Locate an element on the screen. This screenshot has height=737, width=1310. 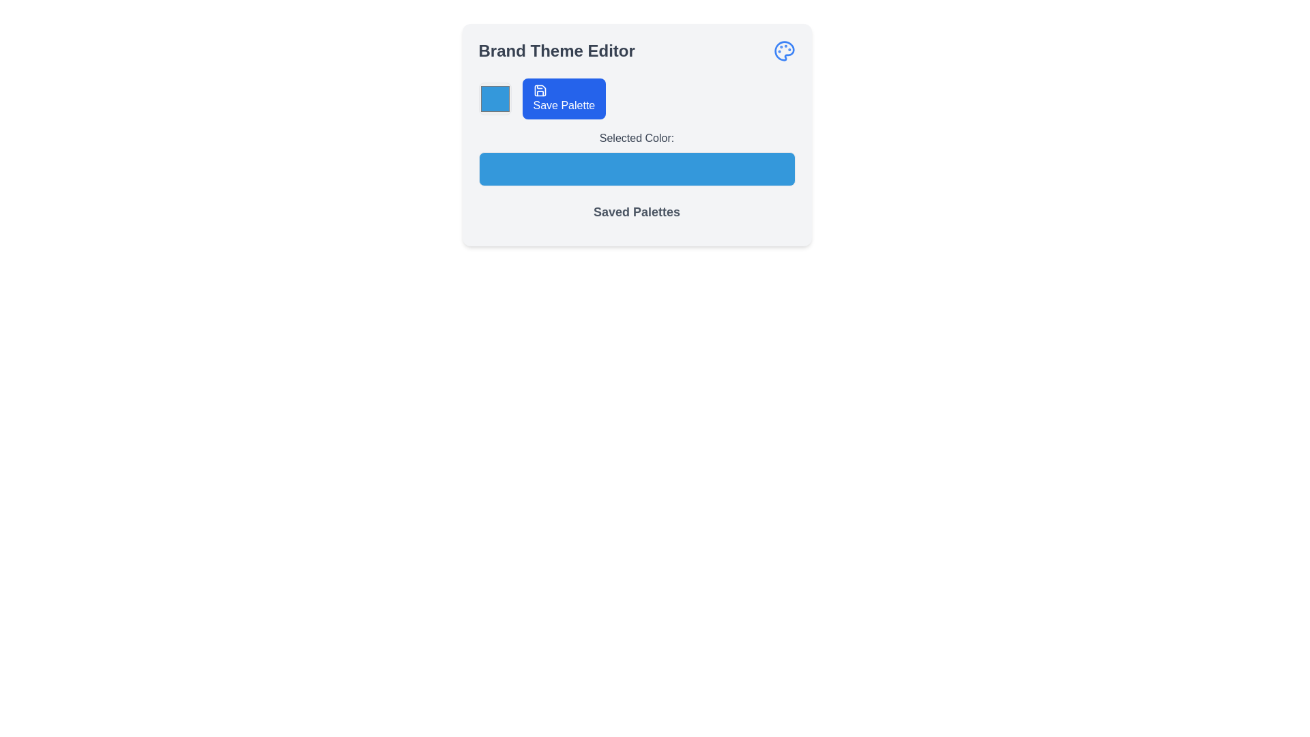
the 'Selected Color:' static display element with a blue color box in the Brand Theme Editor, located below the 'Save Palette' button is located at coordinates (636, 157).